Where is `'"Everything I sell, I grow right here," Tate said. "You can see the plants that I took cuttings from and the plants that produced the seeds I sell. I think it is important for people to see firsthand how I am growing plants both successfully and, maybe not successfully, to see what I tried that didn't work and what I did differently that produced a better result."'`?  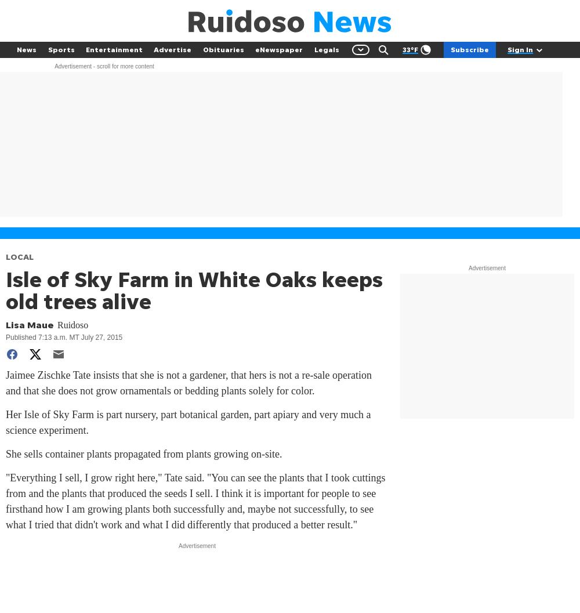 '"Everything I sell, I grow right here," Tate said. "You can see the plants that I took cuttings from and the plants that produced the seeds I sell. I think it is important for people to see firsthand how I am growing plants both successfully and, maybe not successfully, to see what I tried that didn't work and what I did differently that produced a better result."' is located at coordinates (195, 500).